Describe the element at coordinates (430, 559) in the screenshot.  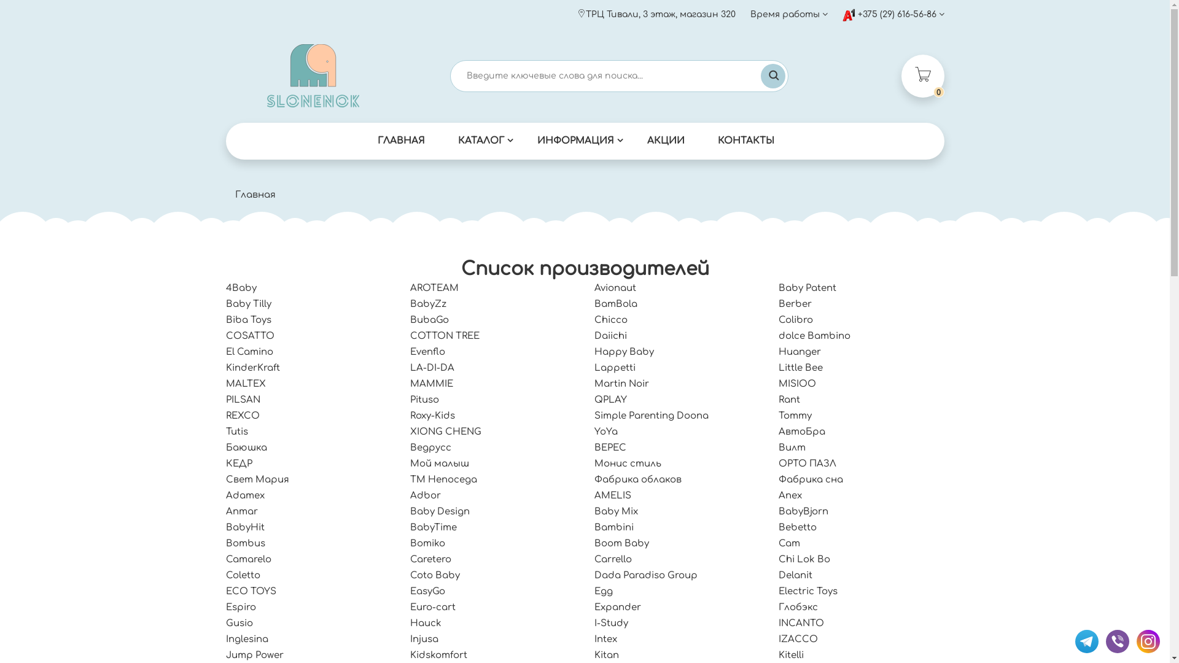
I see `'Caretero'` at that location.